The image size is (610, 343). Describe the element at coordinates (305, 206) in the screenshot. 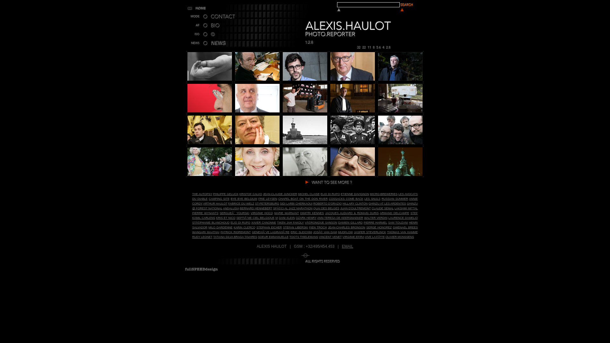

I see `'GHINZU @ FOREST NATIONAL'` at that location.